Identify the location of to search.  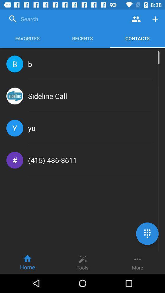
(66, 19).